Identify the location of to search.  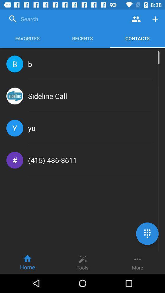
(66, 19).